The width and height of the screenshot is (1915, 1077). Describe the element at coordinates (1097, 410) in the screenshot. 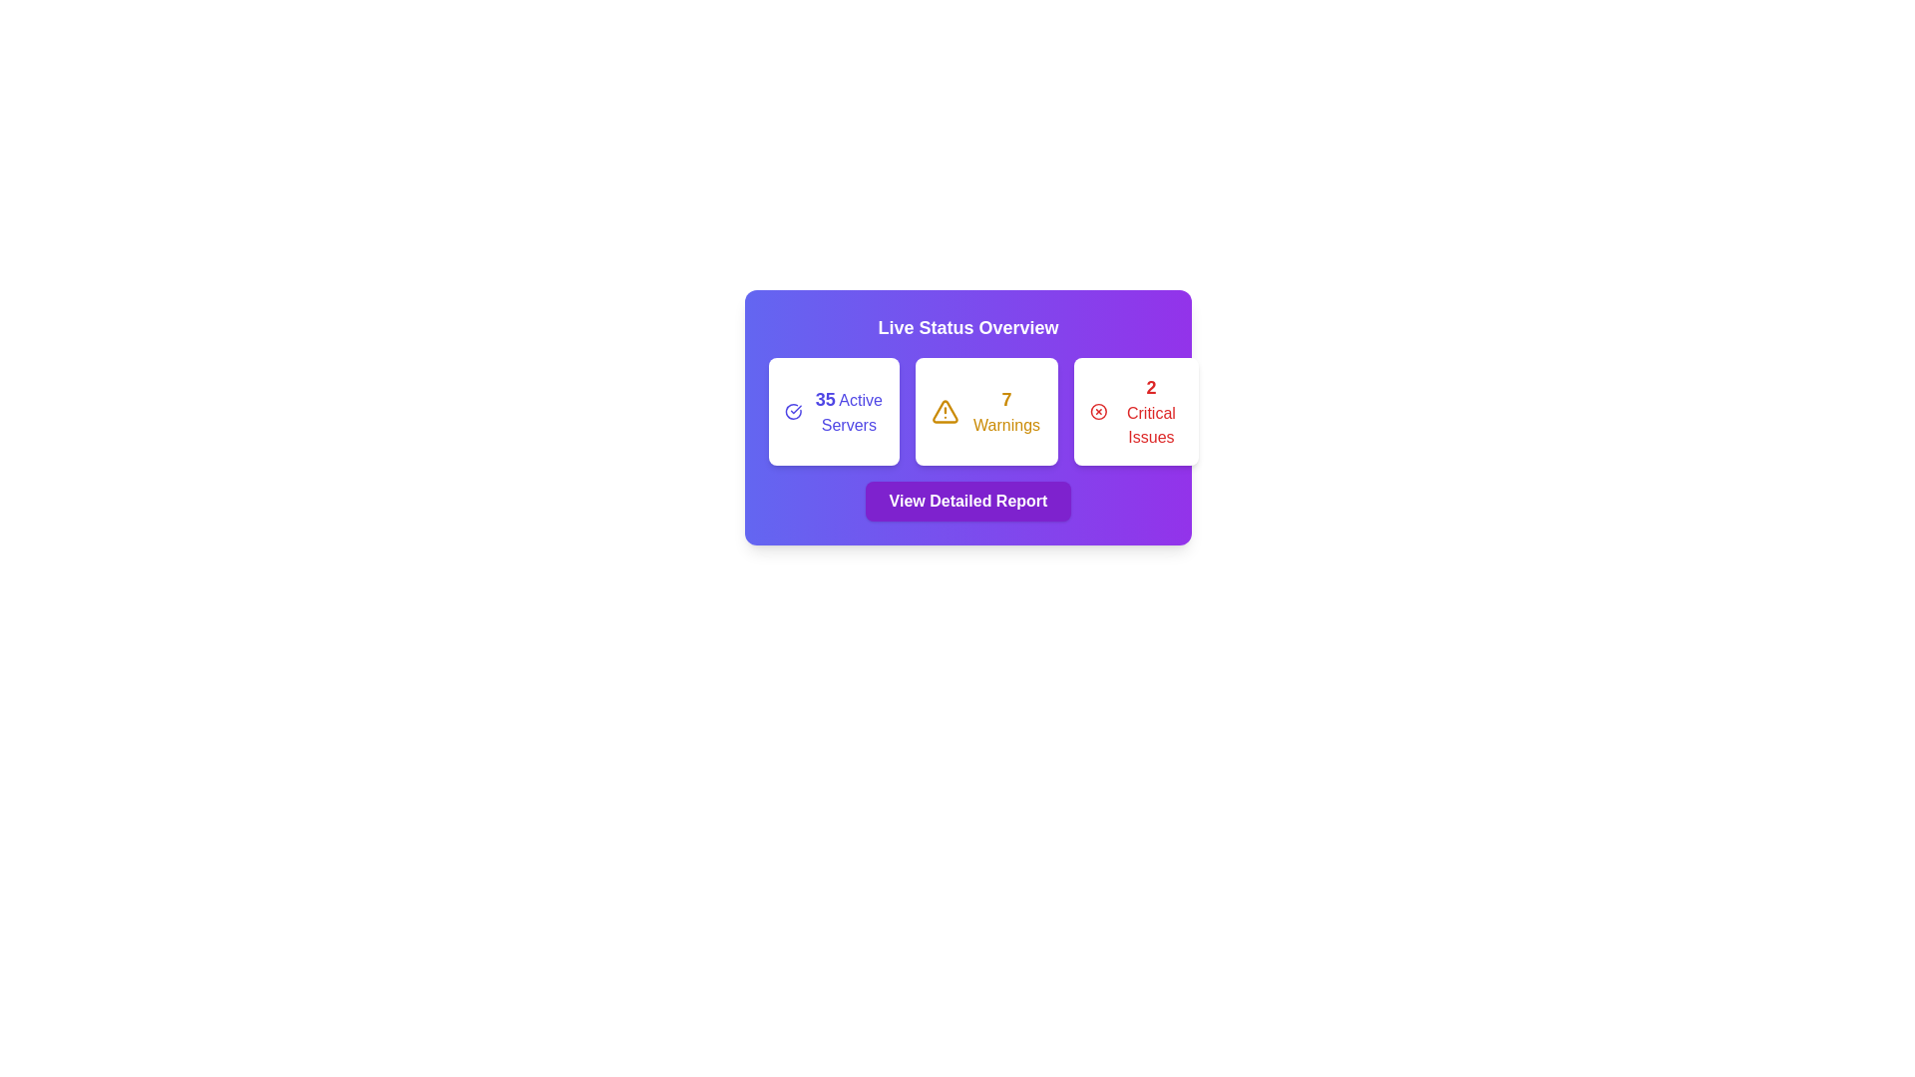

I see `the critical issues icon located in the '2 Critical Issues' panel in the bottom-right section of the card, which serves as a visual indicator for critical issues` at that location.